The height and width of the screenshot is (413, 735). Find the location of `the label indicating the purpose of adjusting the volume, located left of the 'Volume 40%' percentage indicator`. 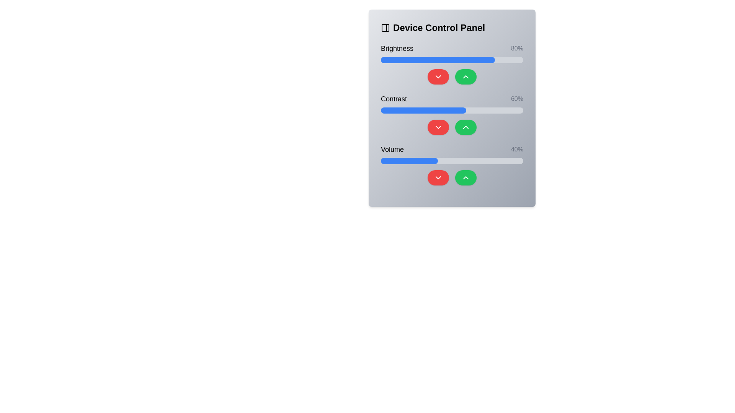

the label indicating the purpose of adjusting the volume, located left of the 'Volume 40%' percentage indicator is located at coordinates (392, 149).